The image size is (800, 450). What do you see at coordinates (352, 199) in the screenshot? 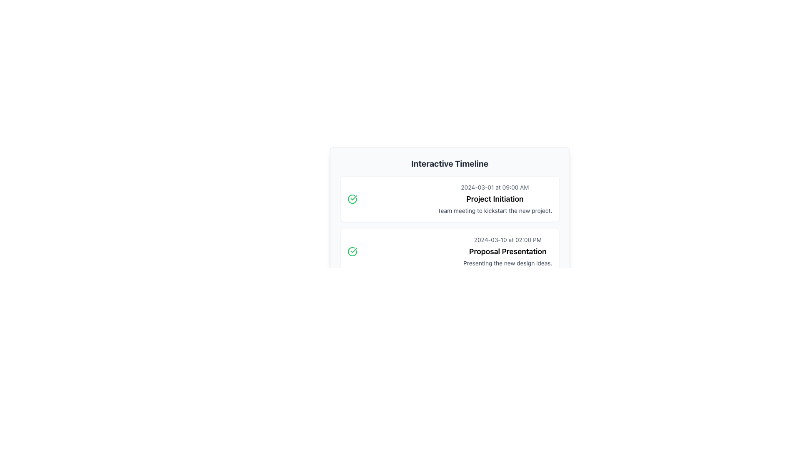
I see `the circular green check icon located to the left of the text 'Project Initiation' in the timeline item for the date '2024-03-01'` at bounding box center [352, 199].